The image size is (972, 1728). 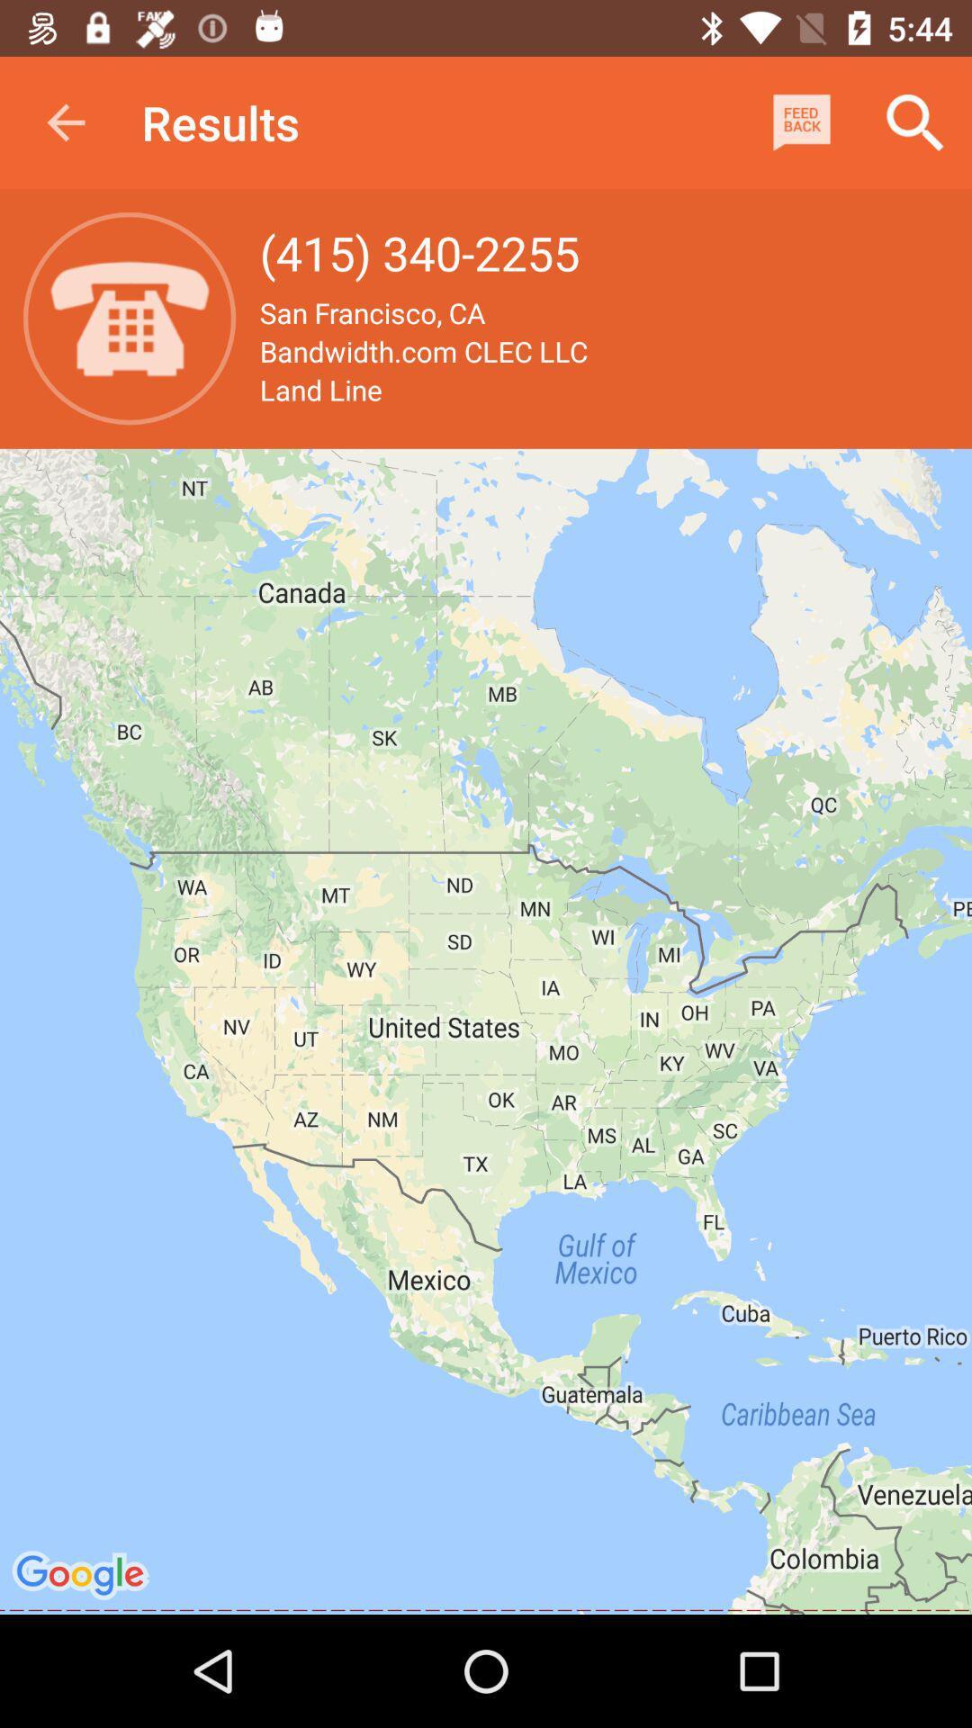 I want to click on app above bandwidth com clec item, so click(x=801, y=121).